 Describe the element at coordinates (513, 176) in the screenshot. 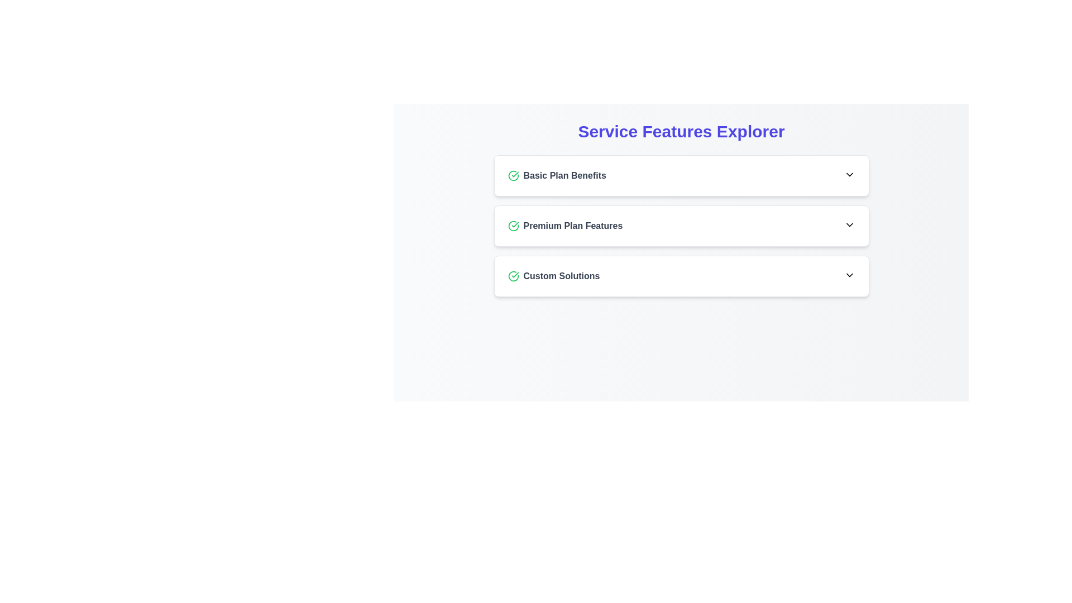

I see `the green-colored check icon enclosed in a circular outline, which is the first visual component in the row labeled 'Basic Plan Benefits'` at that location.